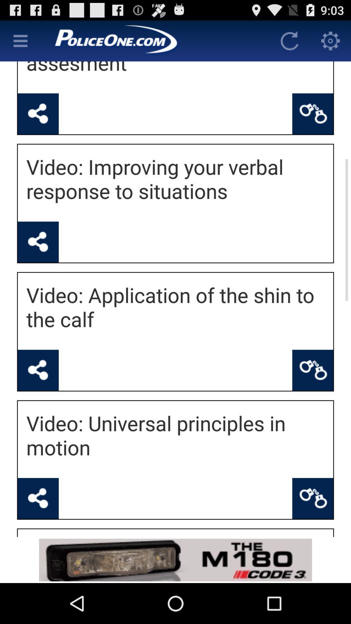  I want to click on autoplay option, so click(289, 40).